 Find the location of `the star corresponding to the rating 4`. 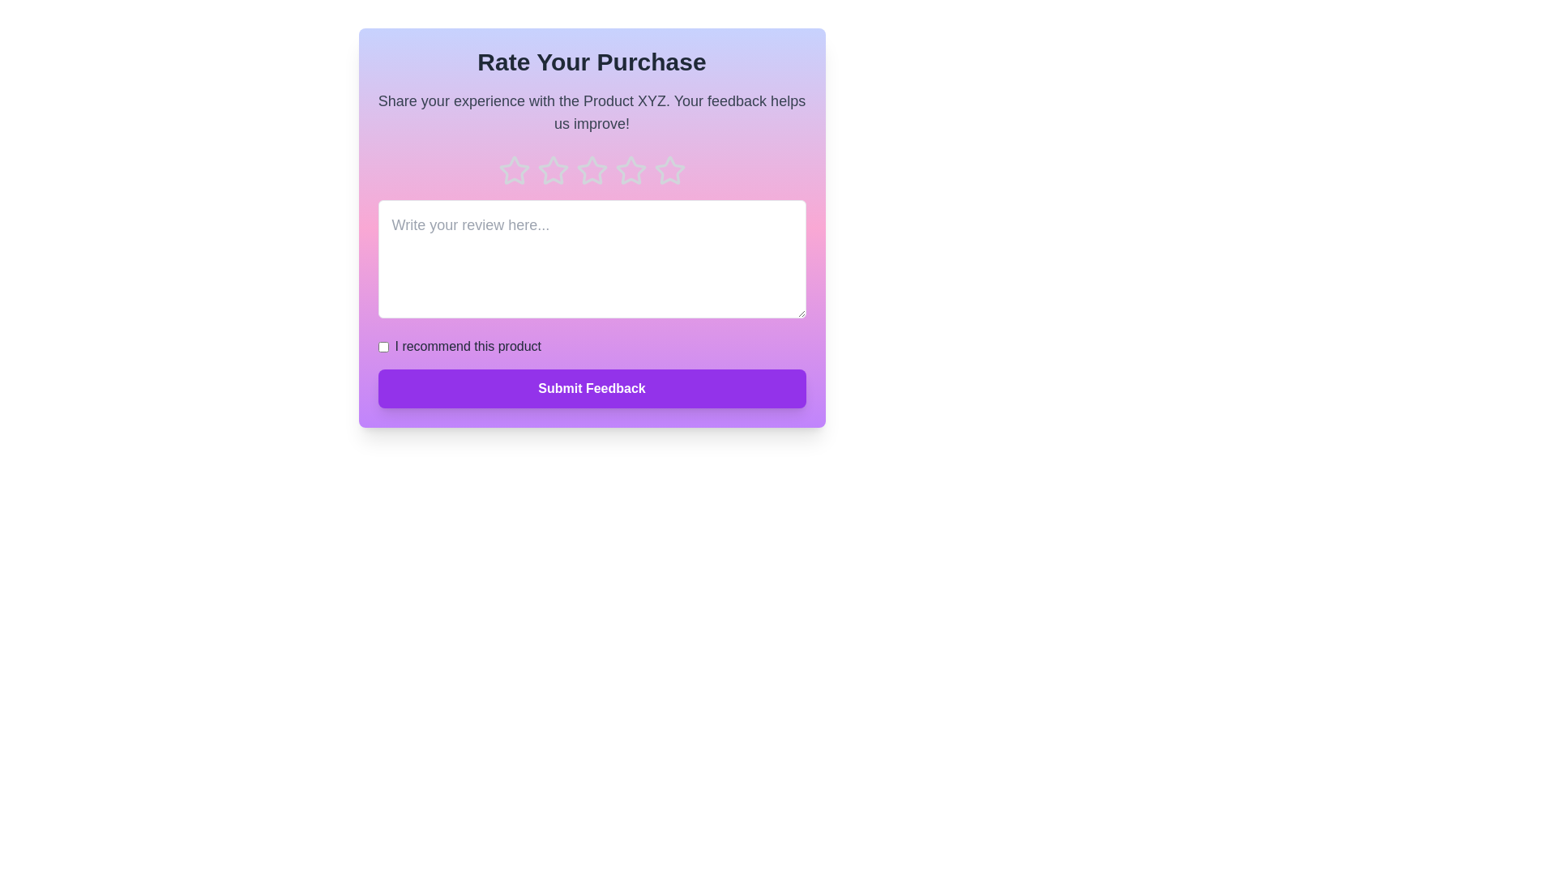

the star corresponding to the rating 4 is located at coordinates (630, 171).